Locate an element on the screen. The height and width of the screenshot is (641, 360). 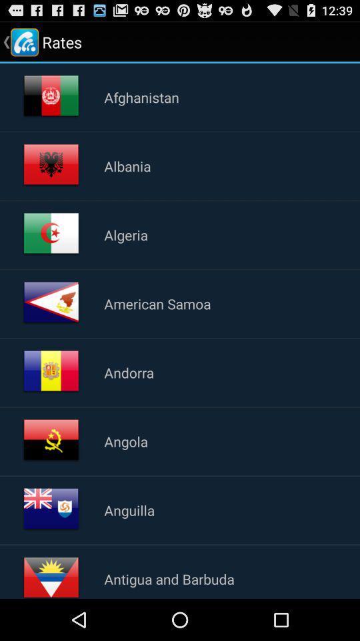
app below albania item is located at coordinates (126, 234).